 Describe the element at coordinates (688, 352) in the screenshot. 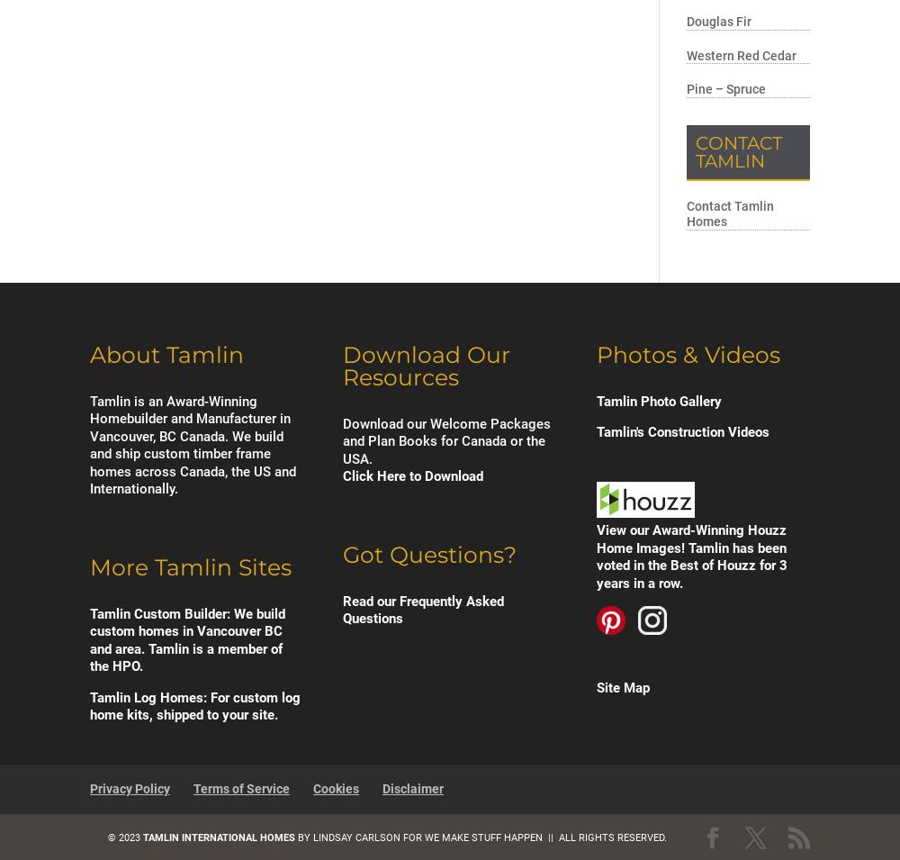

I see `'Photos & Videos'` at that location.